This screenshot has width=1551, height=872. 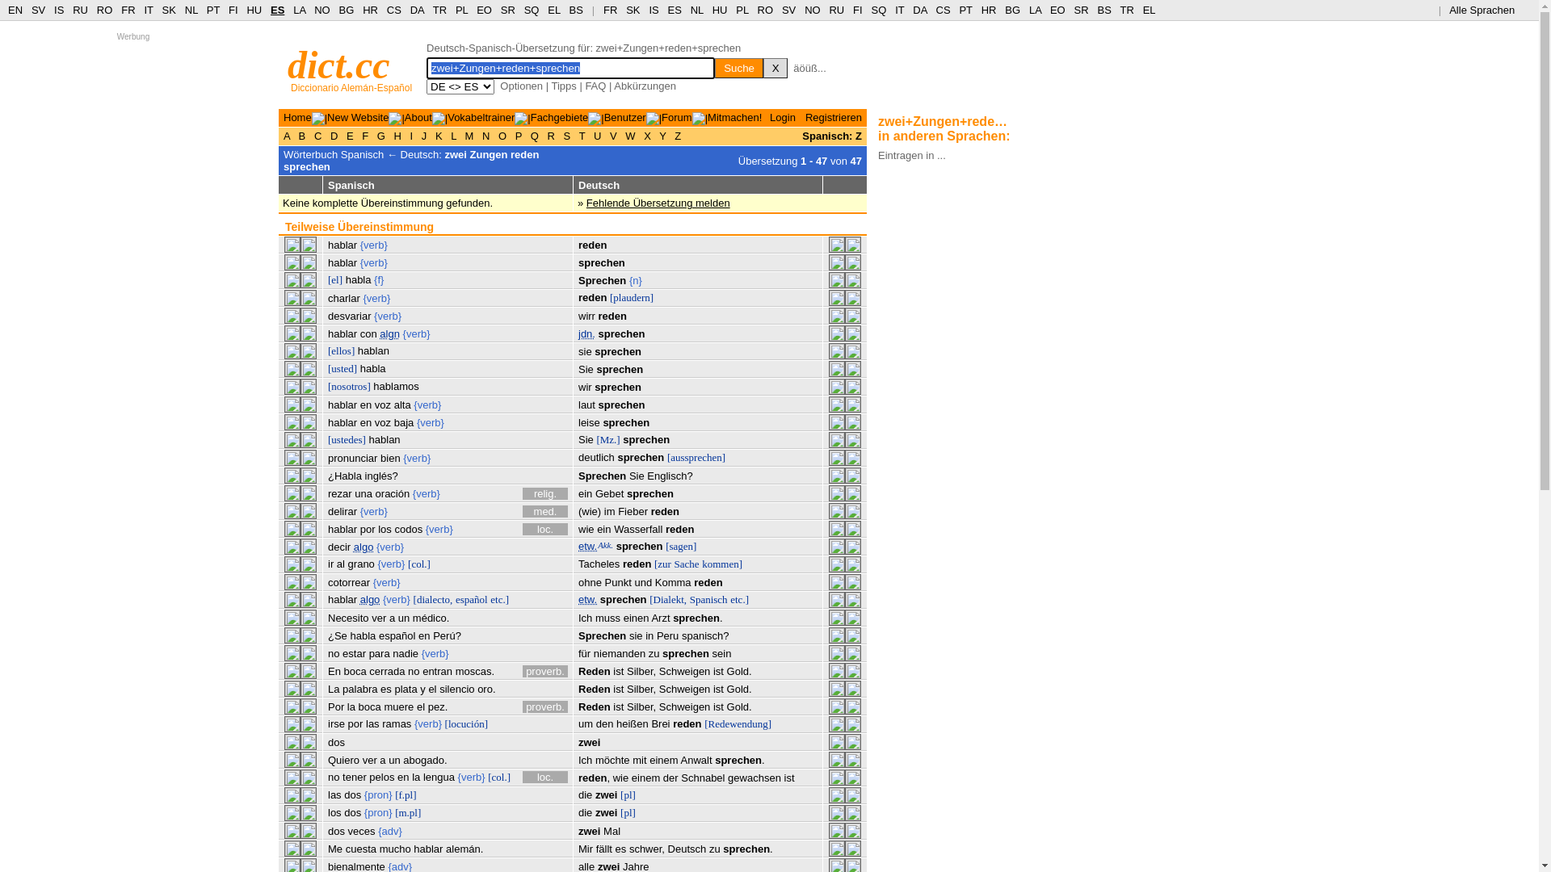 What do you see at coordinates (545, 529) in the screenshot?
I see `'loc.'` at bounding box center [545, 529].